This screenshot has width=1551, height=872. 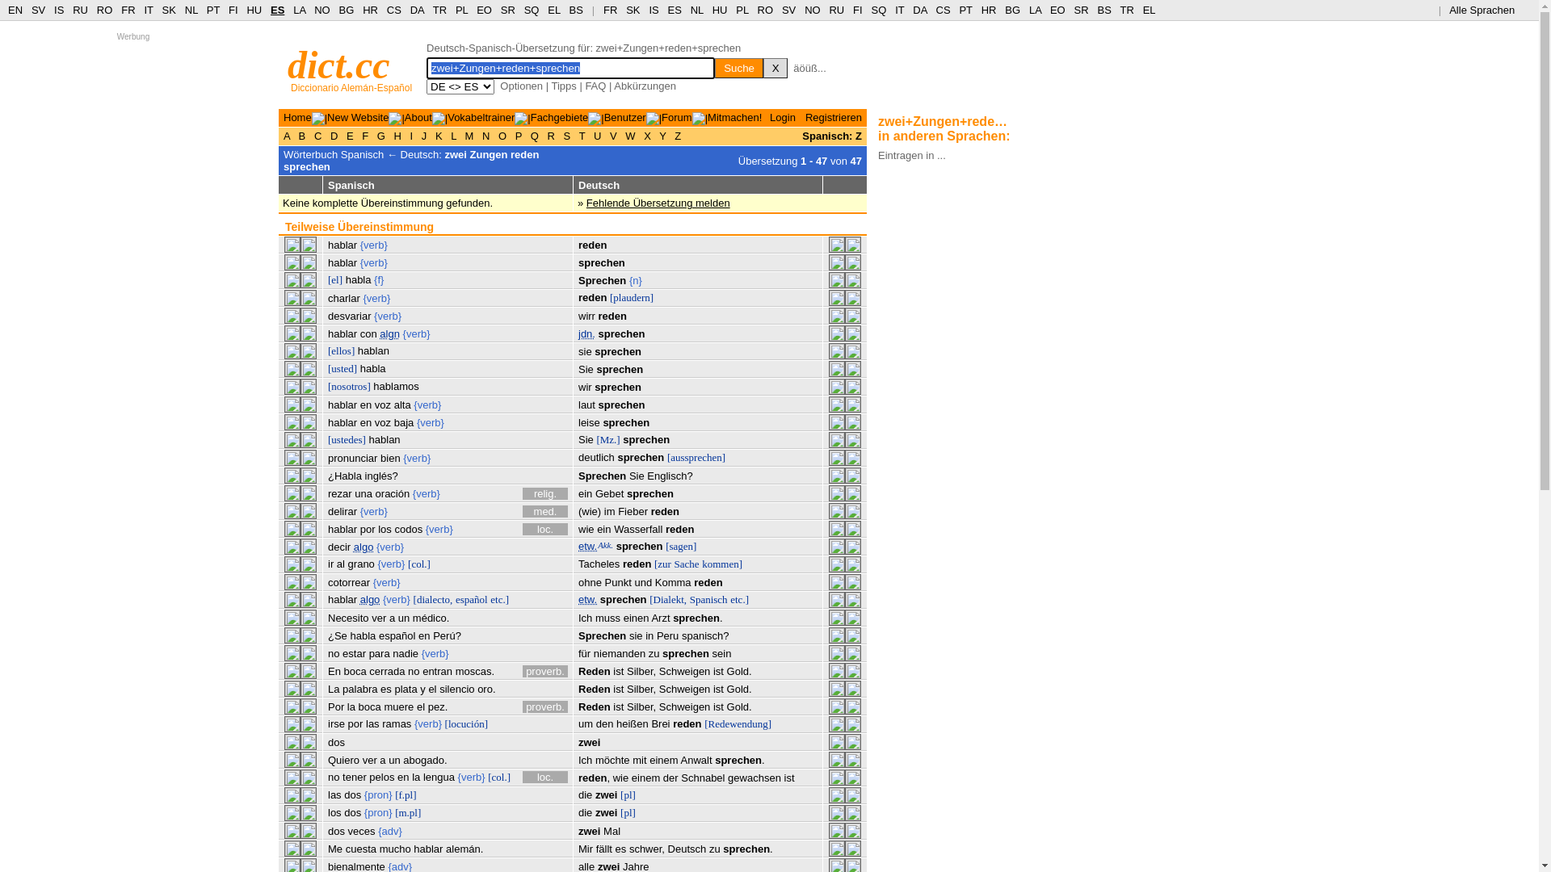 What do you see at coordinates (545, 529) in the screenshot?
I see `'loc.'` at bounding box center [545, 529].